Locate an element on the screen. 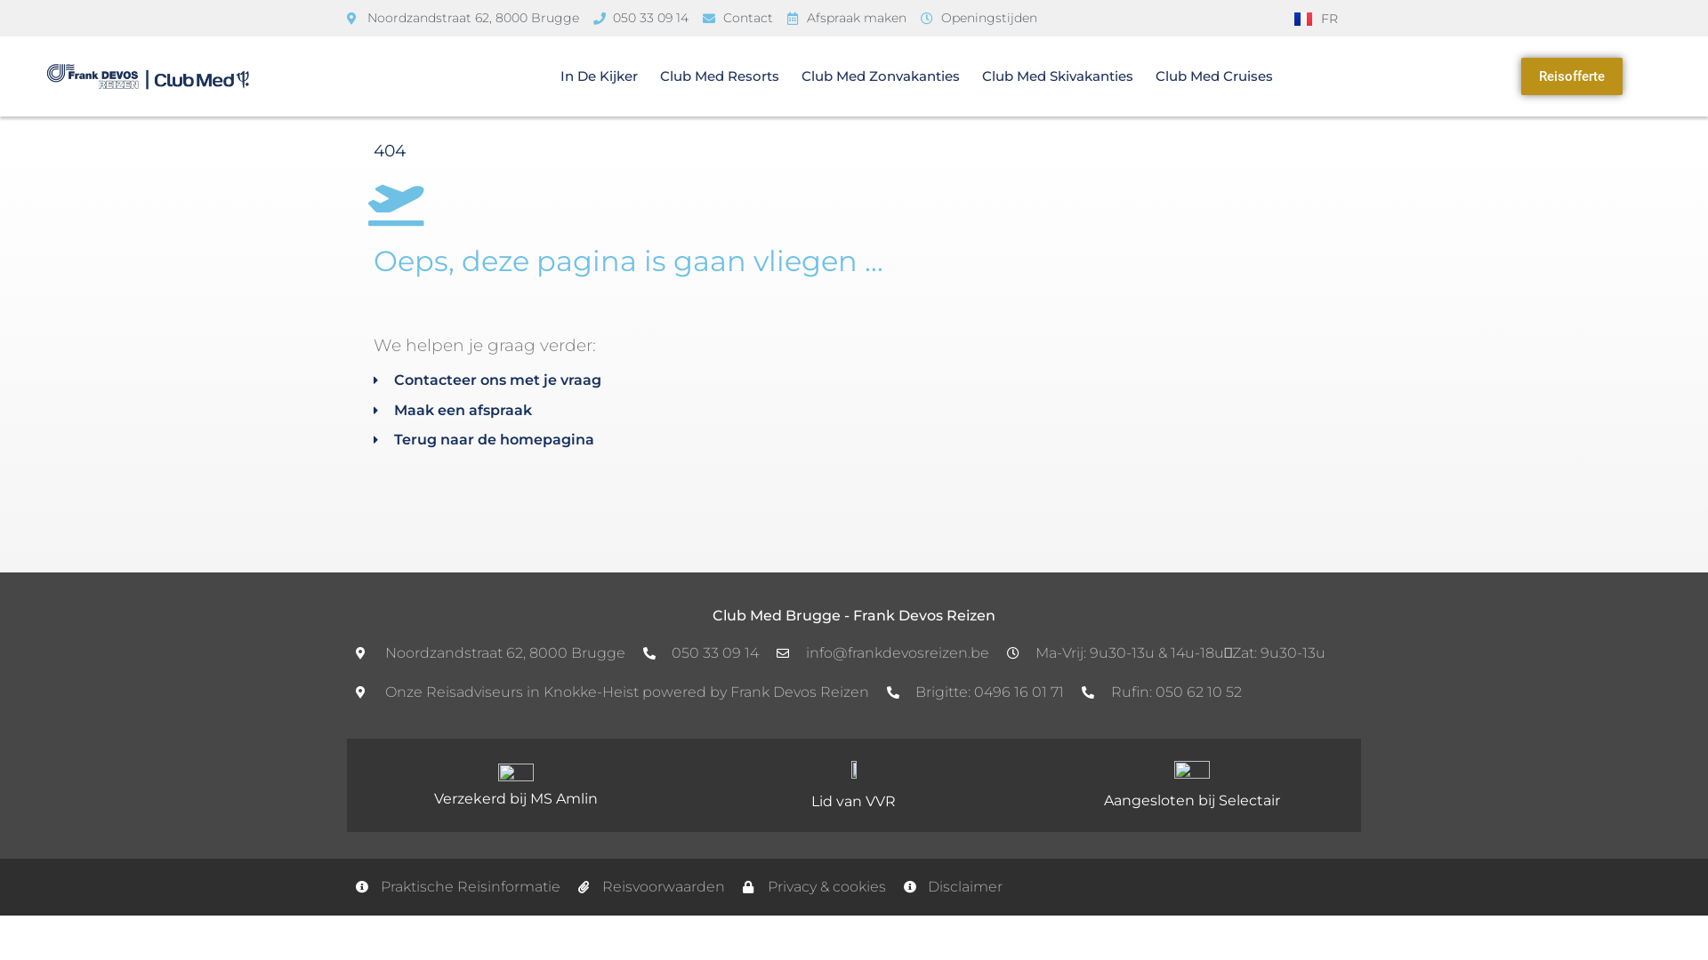 The image size is (1708, 960). 'Club Med Zonvakanties' is located at coordinates (880, 75).